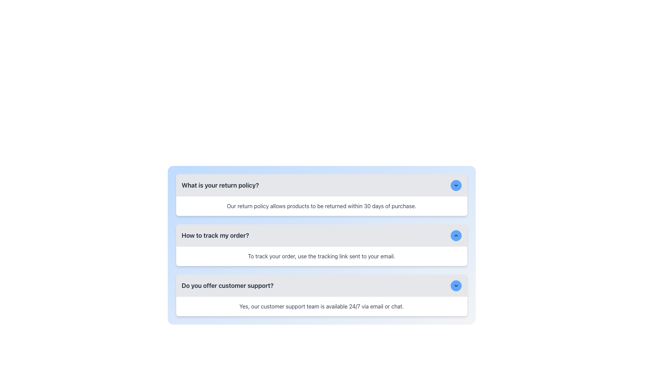 This screenshot has width=660, height=371. What do you see at coordinates (321, 286) in the screenshot?
I see `the Interactive FAQ button located between the order tracking question and the customer support explanation` at bounding box center [321, 286].